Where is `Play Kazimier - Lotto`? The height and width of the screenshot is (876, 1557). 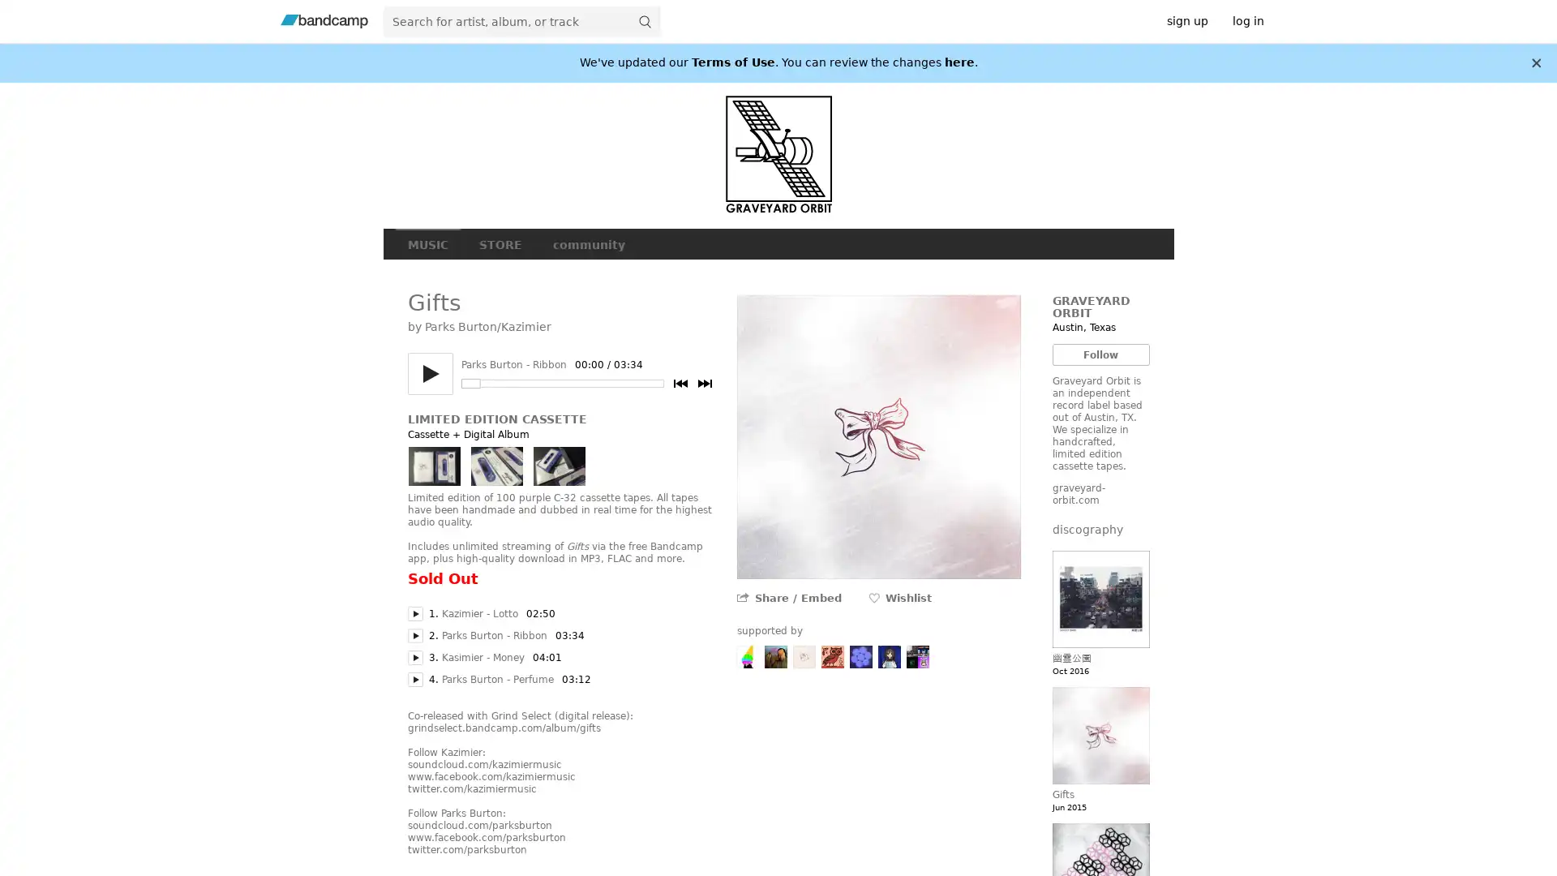 Play Kazimier - Lotto is located at coordinates (414, 613).